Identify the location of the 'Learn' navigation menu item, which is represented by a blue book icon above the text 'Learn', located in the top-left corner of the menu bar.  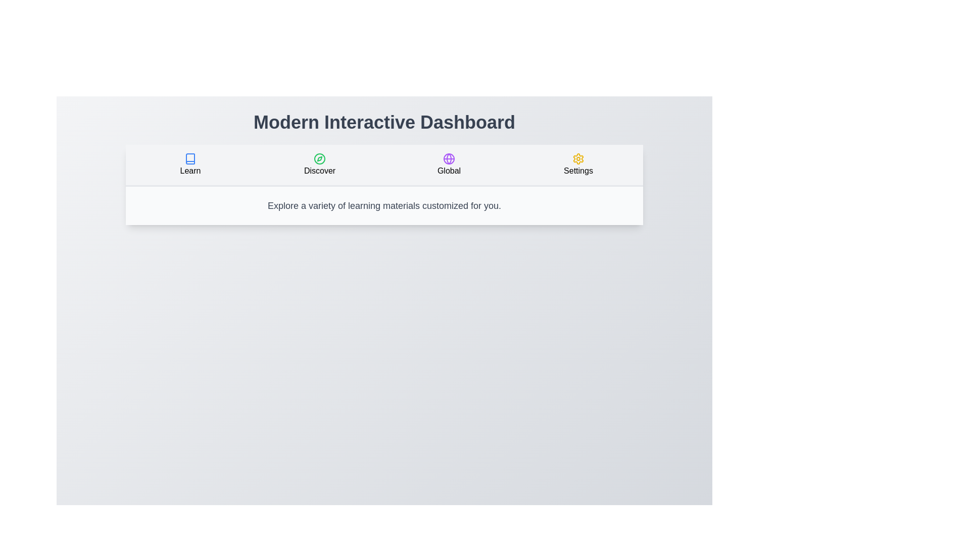
(190, 165).